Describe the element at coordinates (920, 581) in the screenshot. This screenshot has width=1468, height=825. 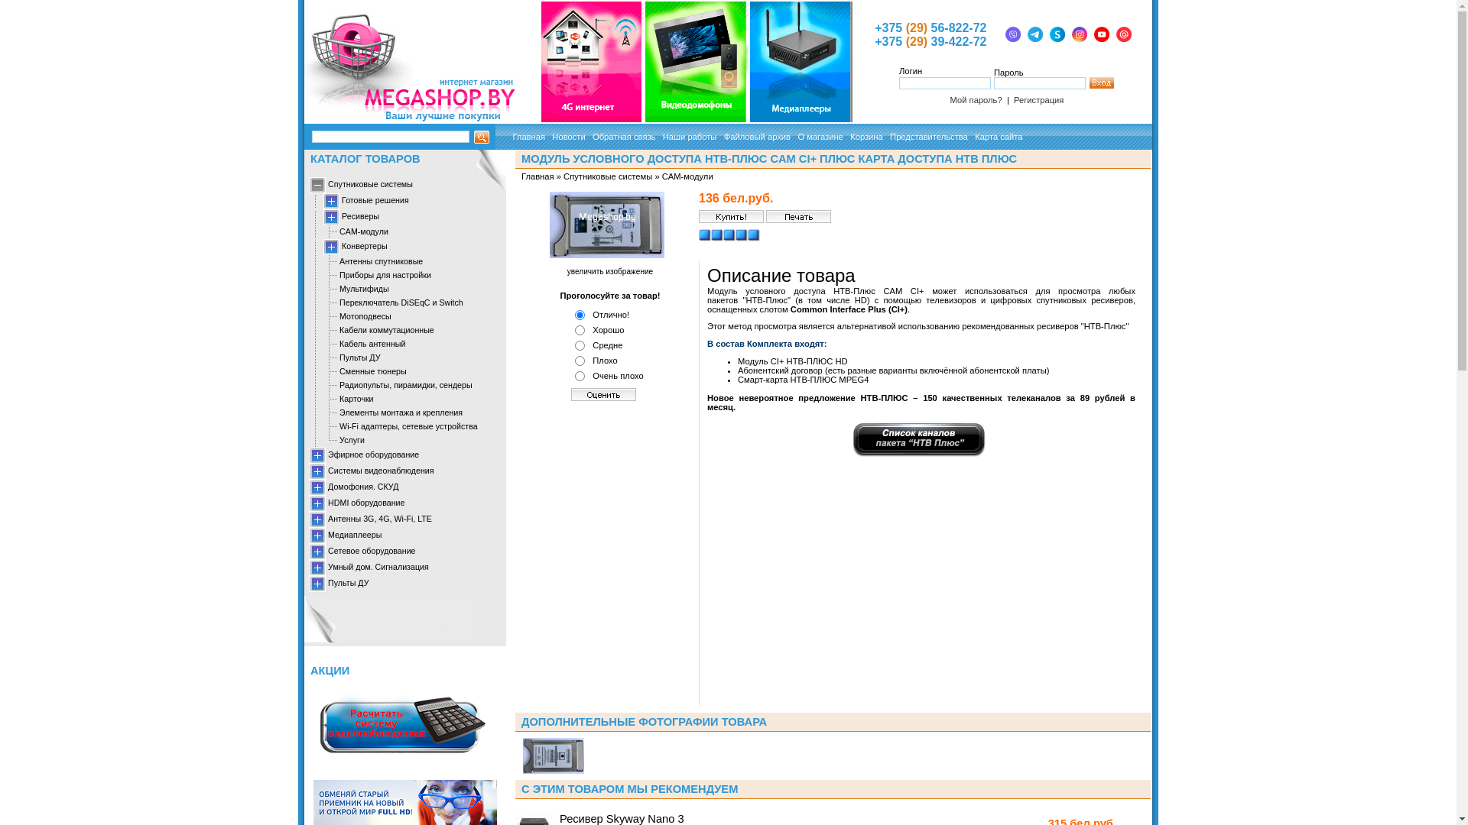
I see `'YouTube video player'` at that location.